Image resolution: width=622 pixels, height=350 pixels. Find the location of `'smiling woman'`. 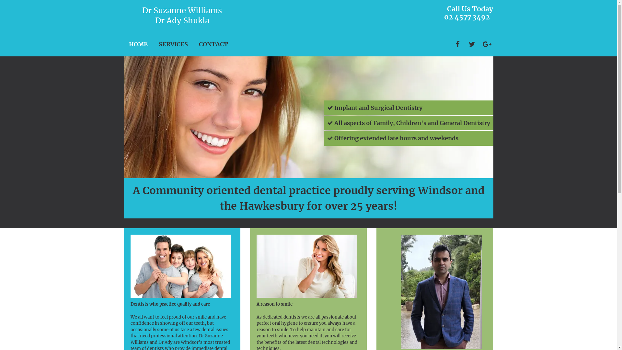

'smiling woman' is located at coordinates (306, 266).